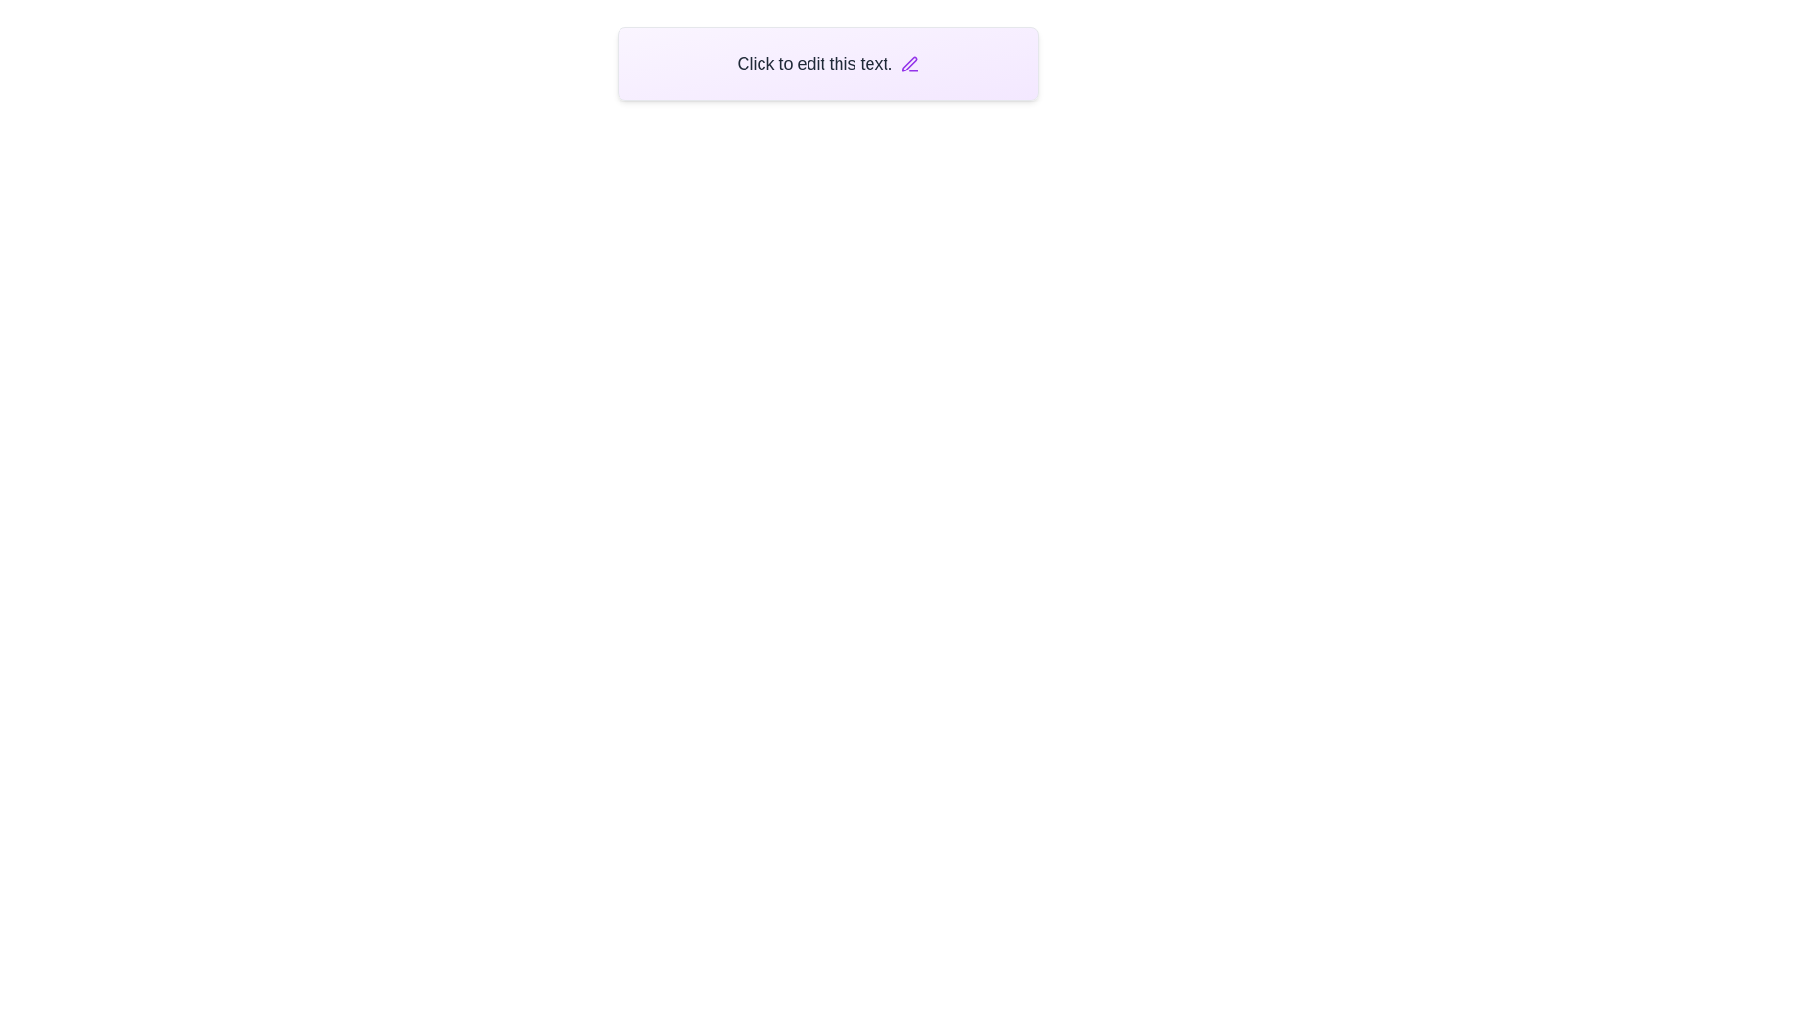 Image resolution: width=1805 pixels, height=1015 pixels. Describe the element at coordinates (827, 63) in the screenshot. I see `the interactive text element with an edit functionality indicated by the pen icon to enter edit mode` at that location.